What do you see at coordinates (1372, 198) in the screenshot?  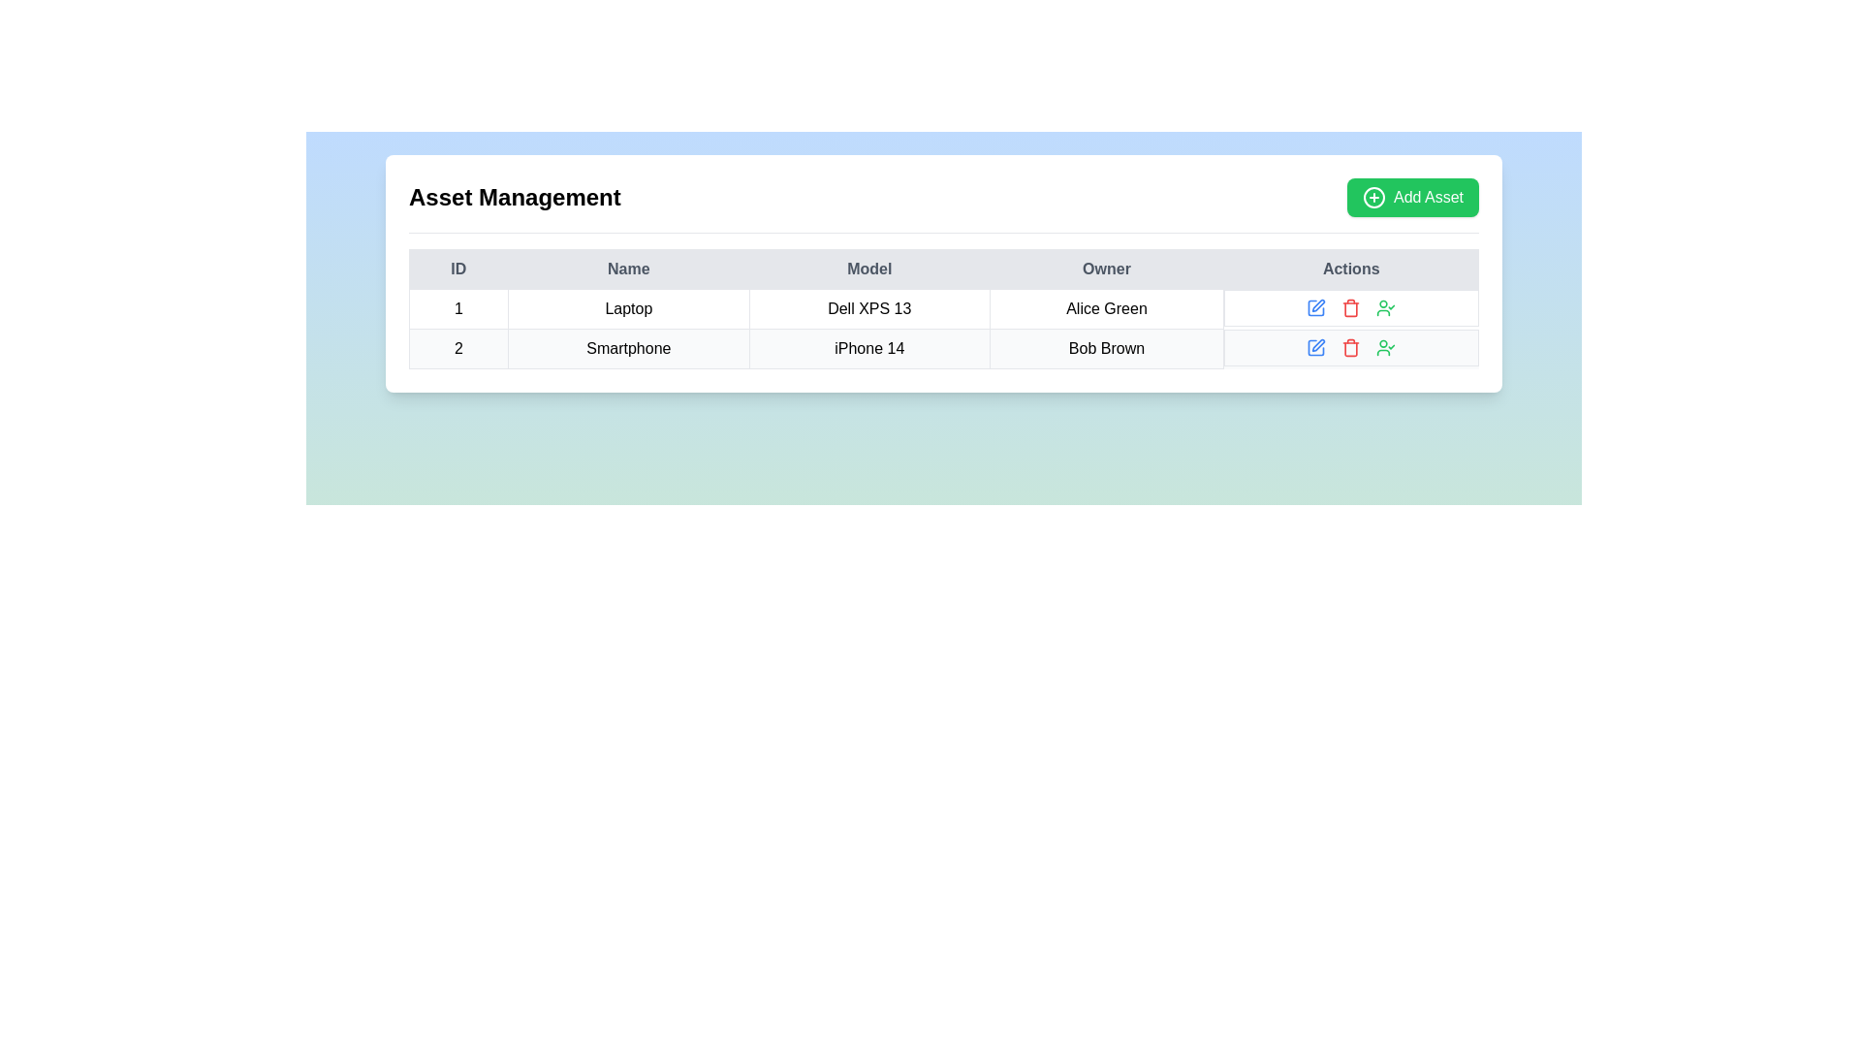 I see `the 'Add Asset' icon located on the right side of the header bar in the 'Asset Management' table` at bounding box center [1372, 198].